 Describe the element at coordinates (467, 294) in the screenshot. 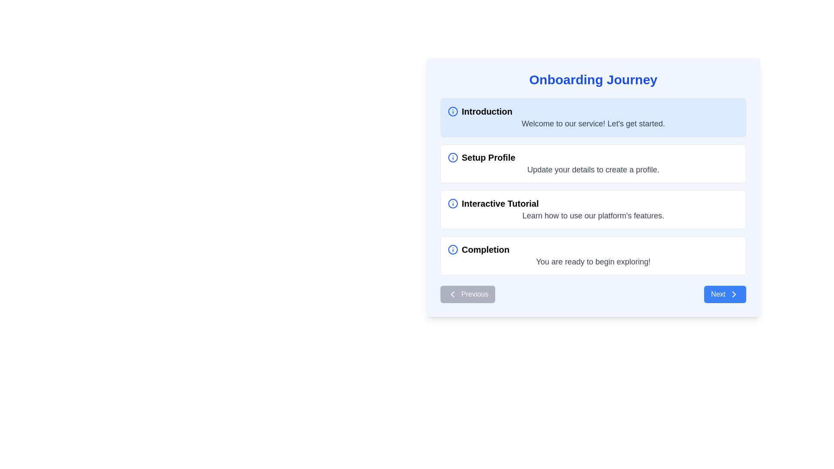

I see `the button located at the bottom-left side of the onboarding card, which allows users to navigate to the previous step in the interface` at that location.